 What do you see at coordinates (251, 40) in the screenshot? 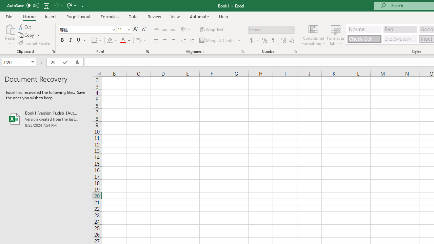
I see `'Accounting Number Format'` at bounding box center [251, 40].